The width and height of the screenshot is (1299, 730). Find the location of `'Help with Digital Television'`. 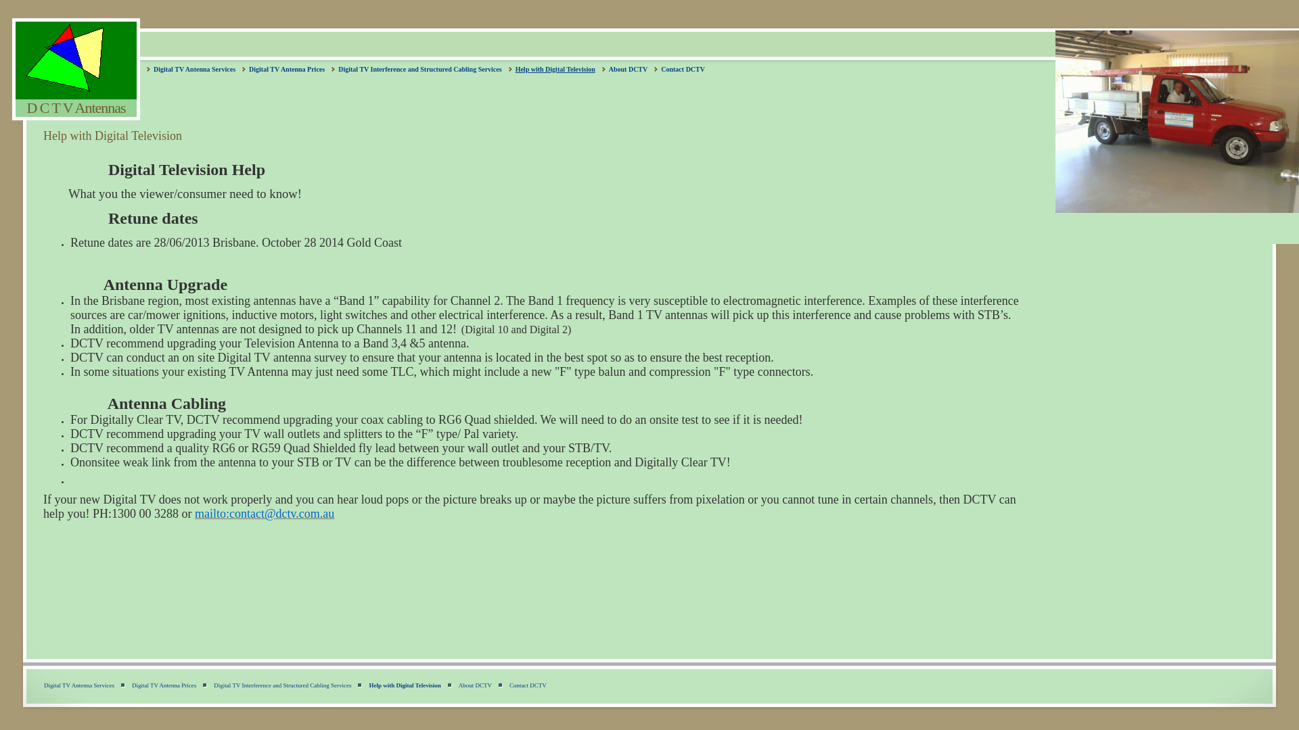

'Help with Digital Television' is located at coordinates (515, 69).